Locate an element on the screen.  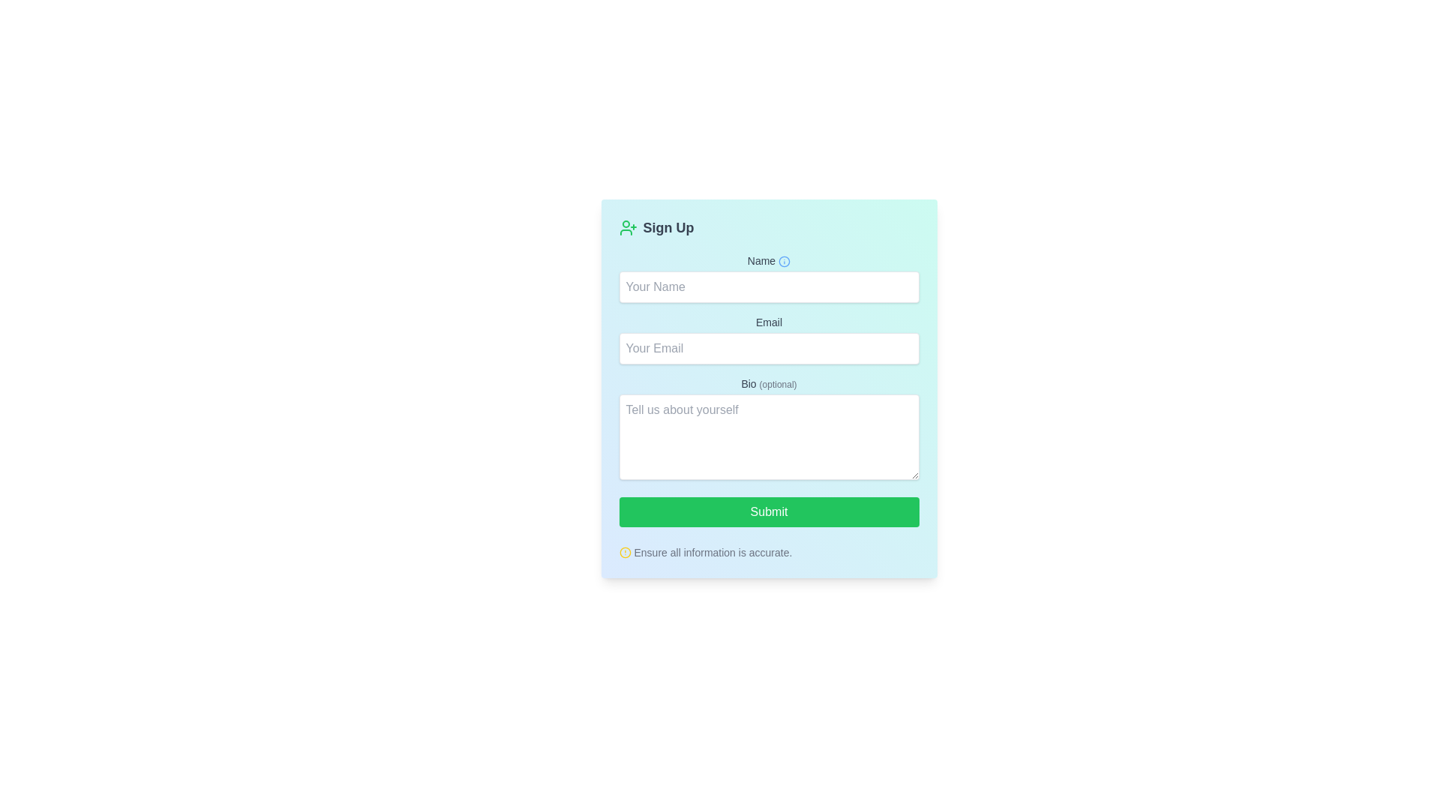
advisory message text label with icon located beneath the 'Submit' button at the bottom of the form is located at coordinates (769, 549).